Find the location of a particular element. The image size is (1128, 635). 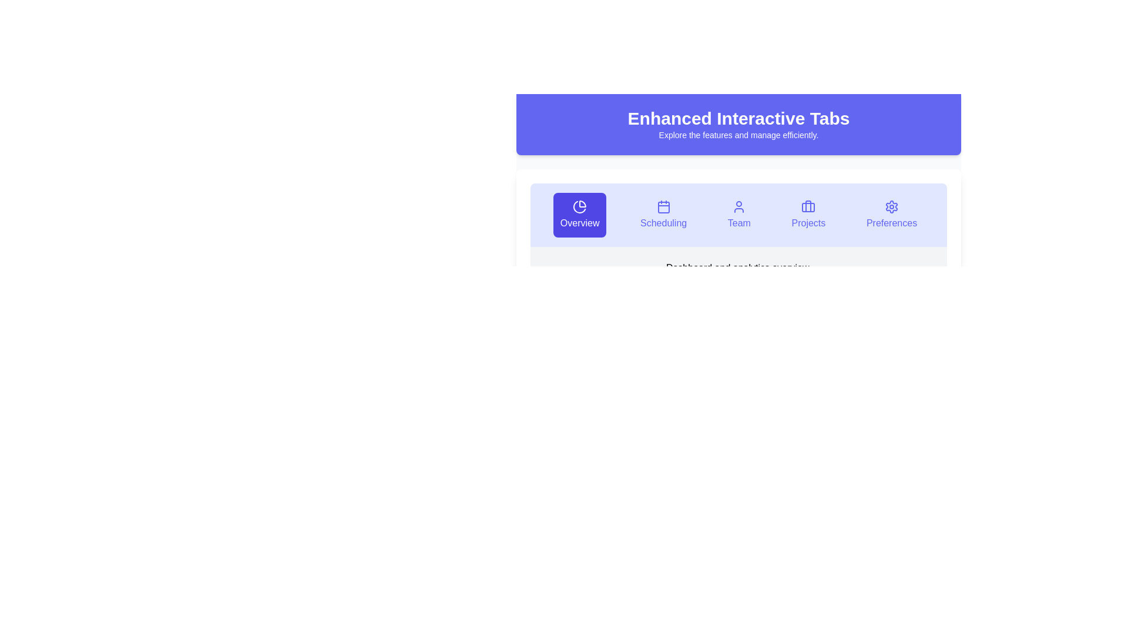

the second tab button in the tab menu that navigates to the Scheduling page to trigger hover effects is located at coordinates (663, 215).